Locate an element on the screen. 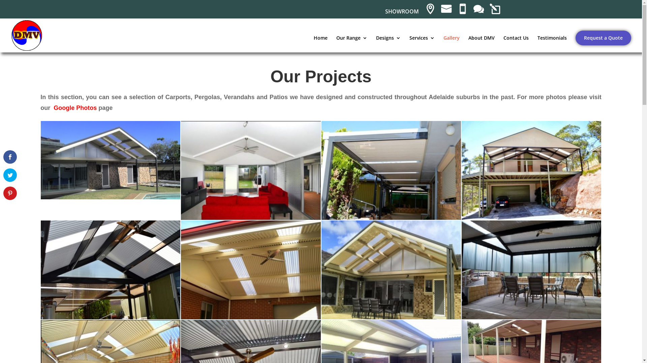 Image resolution: width=647 pixels, height=363 pixels. 'SHOWROOM' is located at coordinates (401, 13).